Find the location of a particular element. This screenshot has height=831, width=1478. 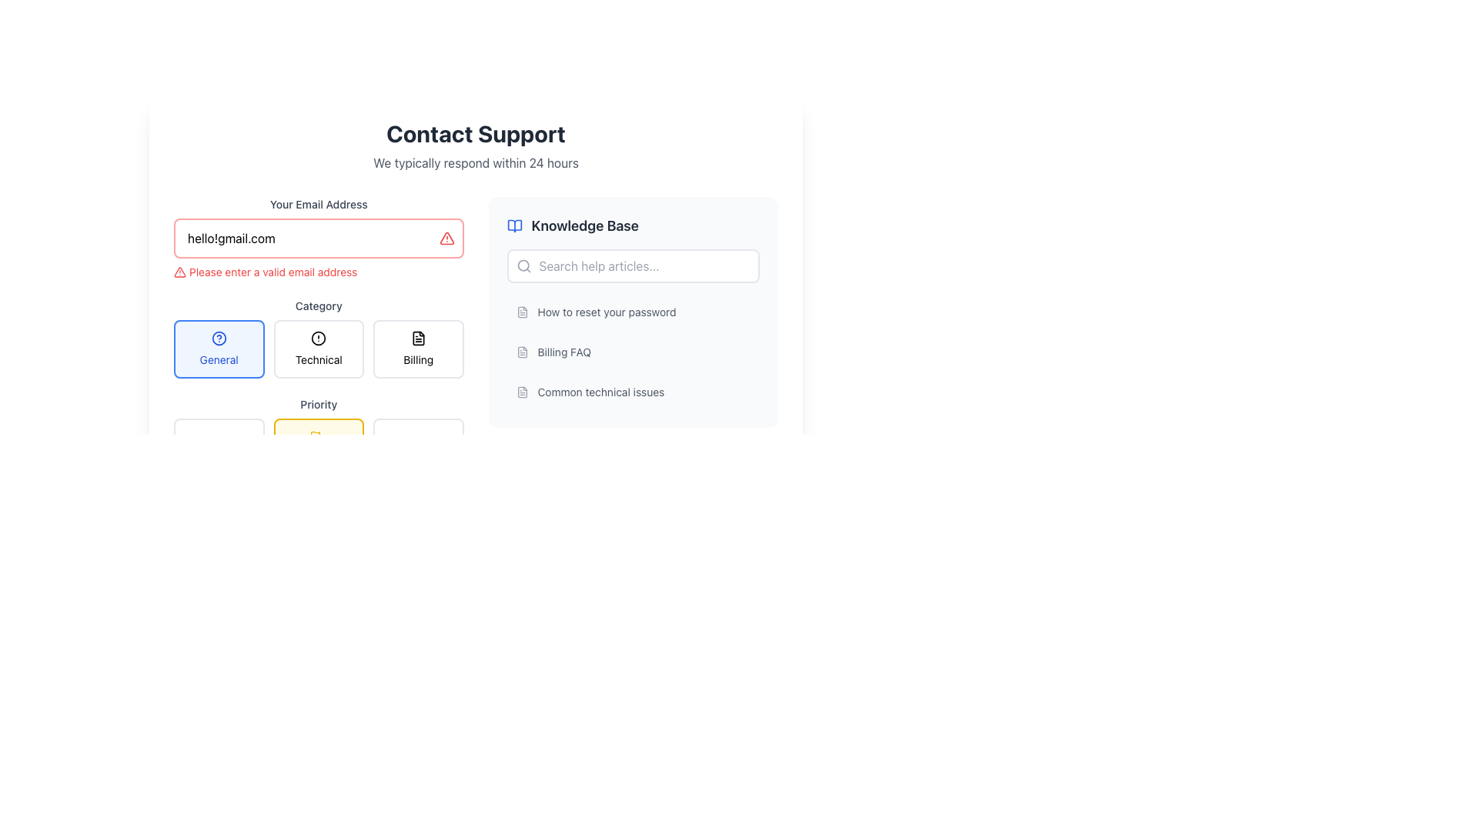

the 'Technical' category label located in the middle card under the 'Category' section is located at coordinates (318, 359).